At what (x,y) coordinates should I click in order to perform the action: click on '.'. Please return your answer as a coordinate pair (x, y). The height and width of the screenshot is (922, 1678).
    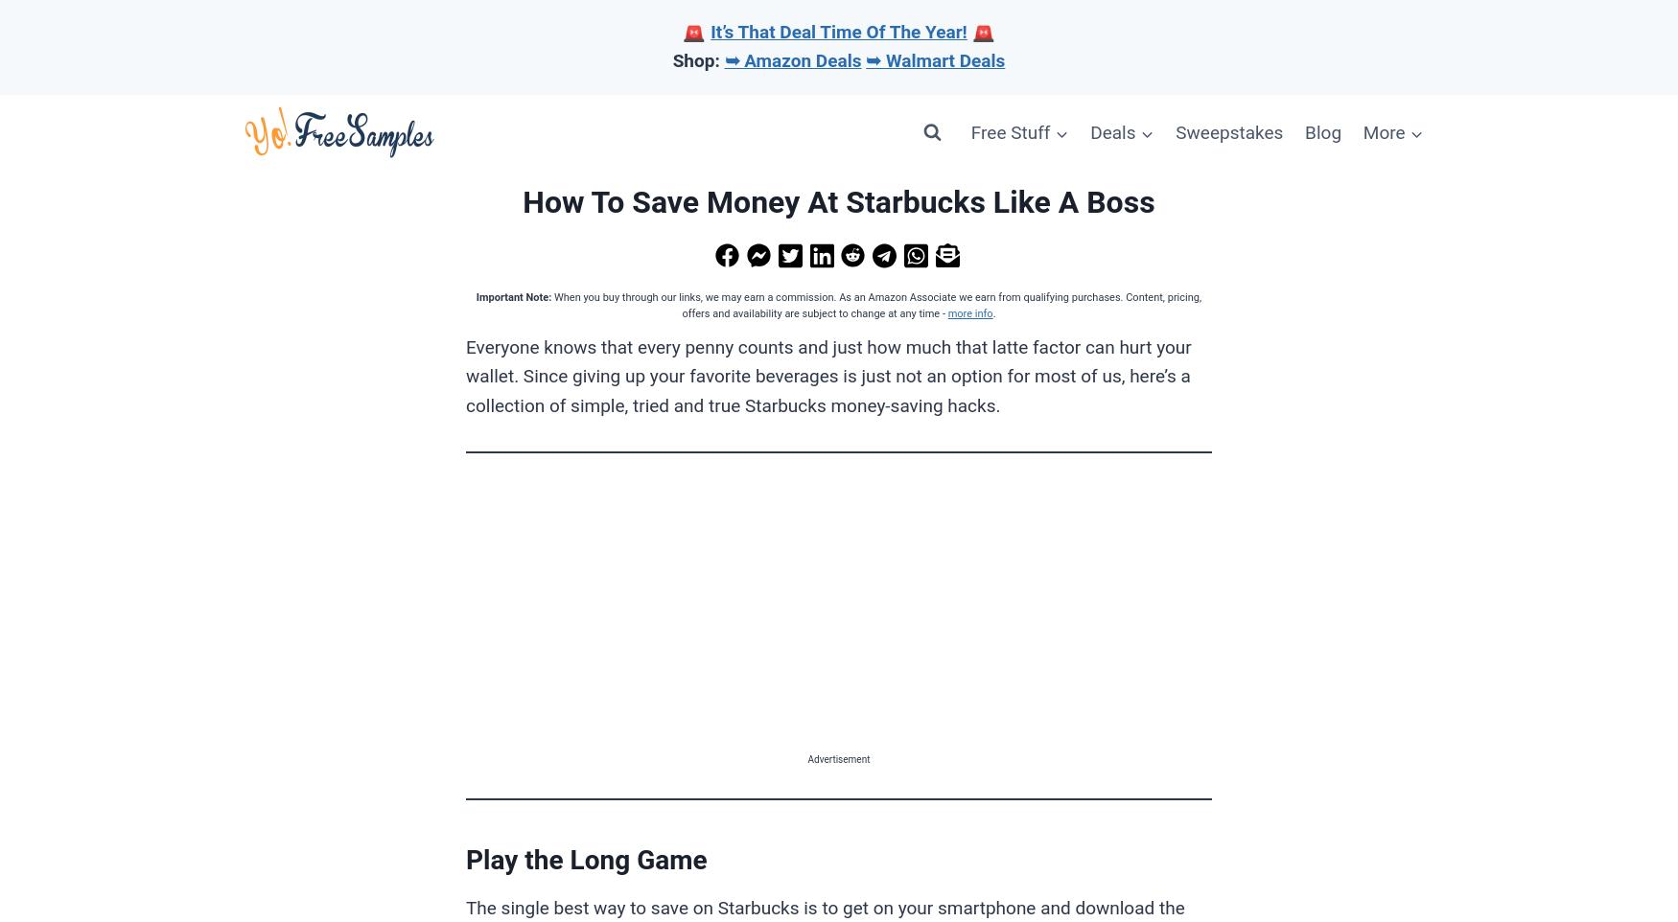
    Looking at the image, I should click on (992, 312).